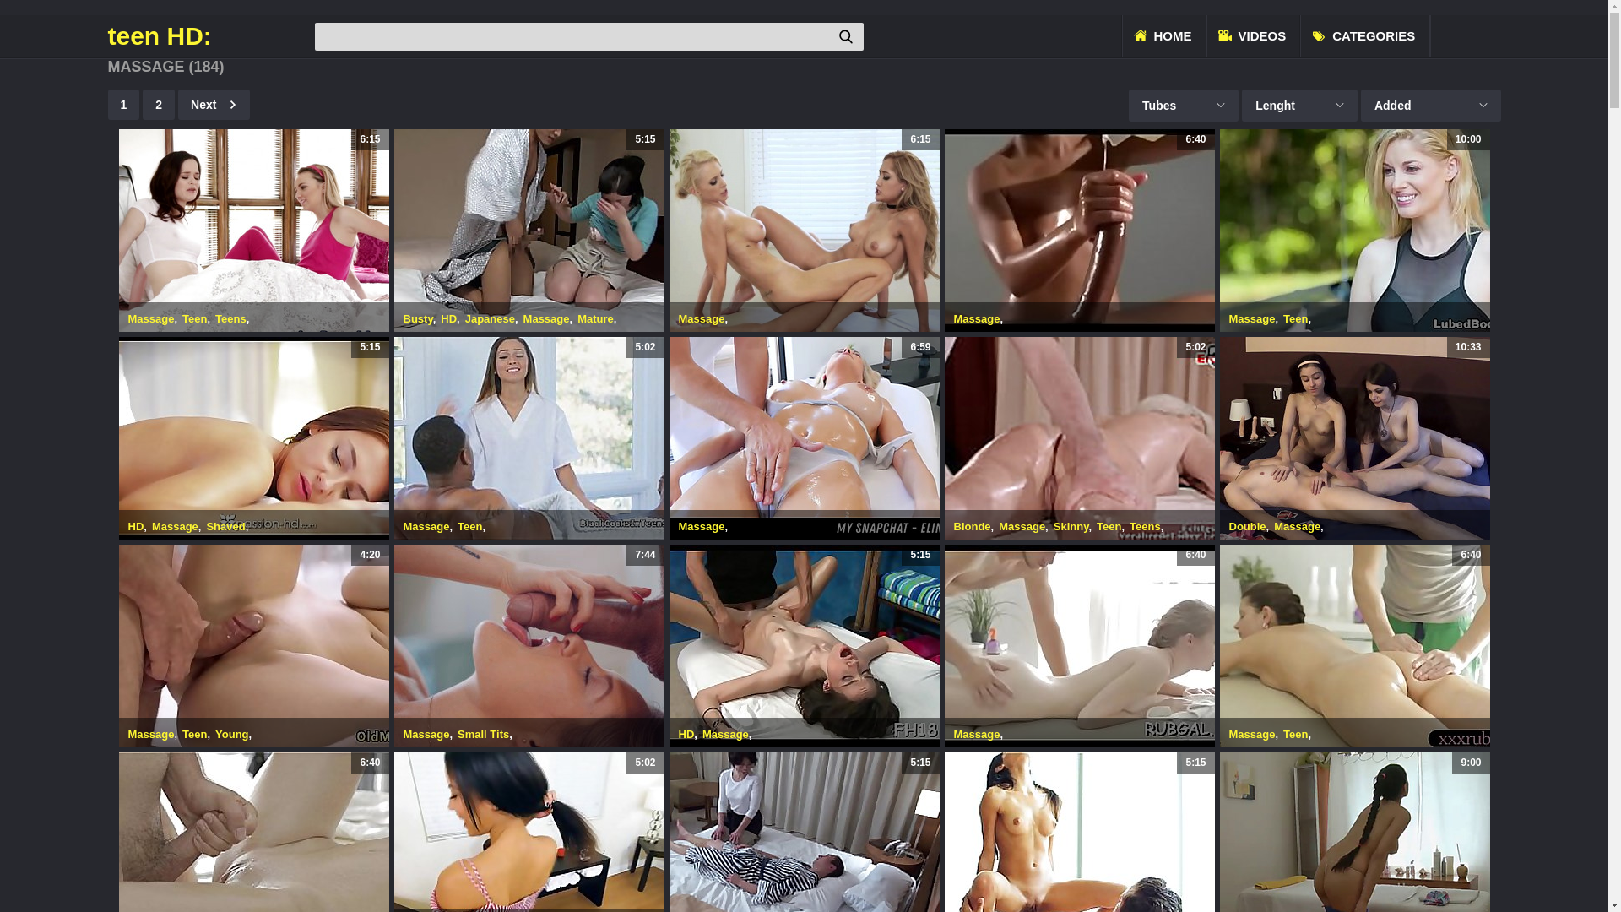  I want to click on 'teen HD:', so click(209, 35).